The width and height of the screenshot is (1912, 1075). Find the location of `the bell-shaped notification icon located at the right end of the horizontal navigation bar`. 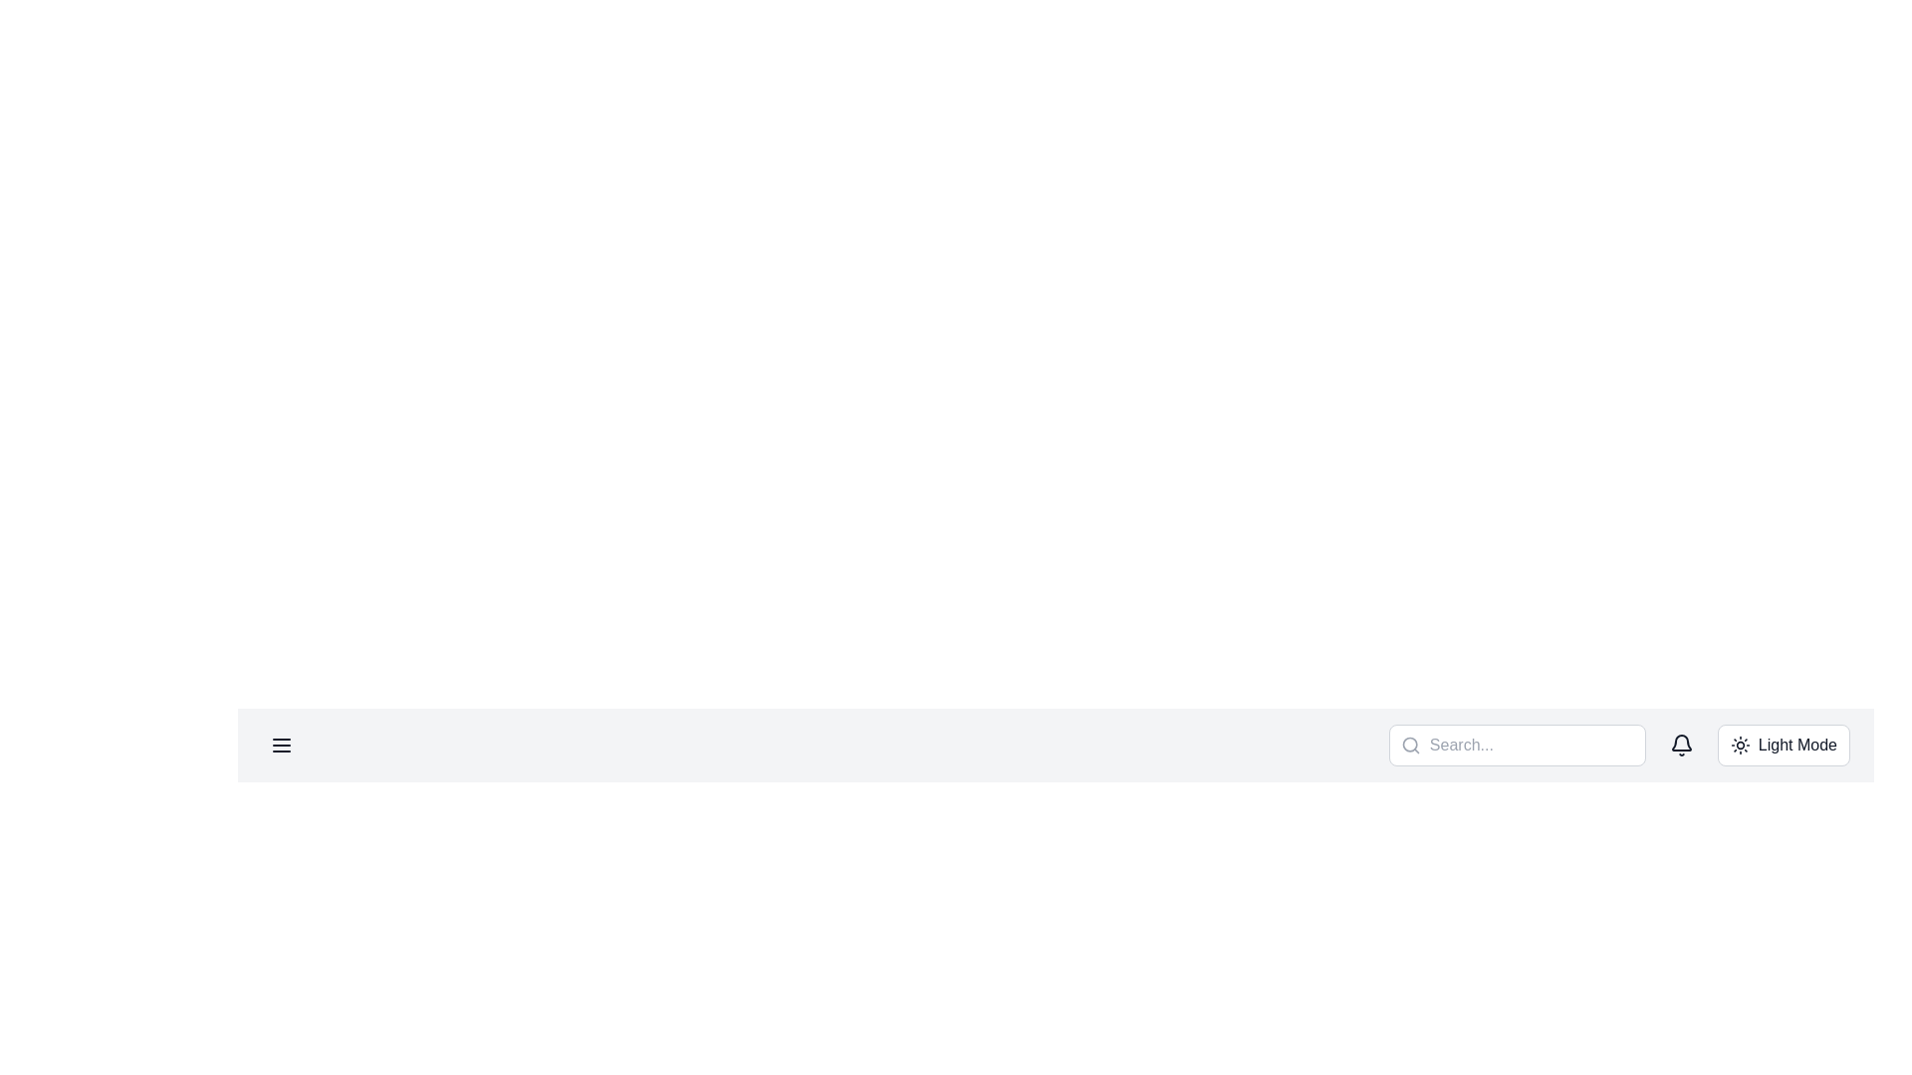

the bell-shaped notification icon located at the right end of the horizontal navigation bar is located at coordinates (1680, 745).